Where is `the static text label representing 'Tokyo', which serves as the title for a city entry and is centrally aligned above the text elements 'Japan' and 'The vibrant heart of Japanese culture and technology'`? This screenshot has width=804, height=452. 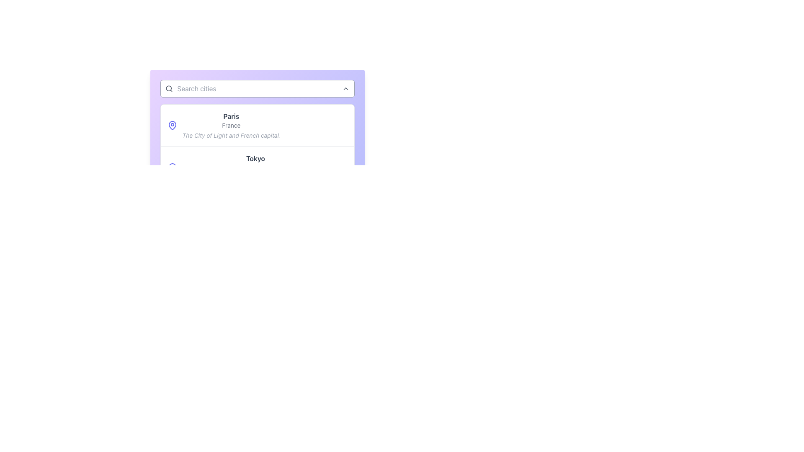 the static text label representing 'Tokyo', which serves as the title for a city entry and is centrally aligned above the text elements 'Japan' and 'The vibrant heart of Japanese culture and technology' is located at coordinates (255, 158).